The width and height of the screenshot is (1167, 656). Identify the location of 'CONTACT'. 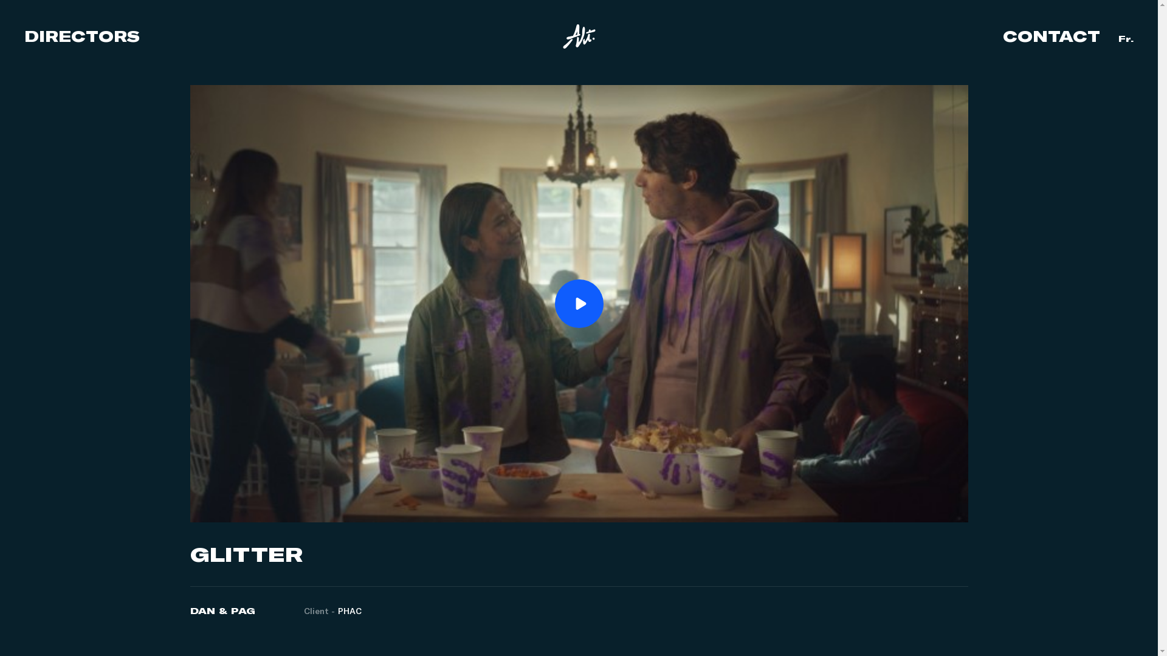
(1050, 36).